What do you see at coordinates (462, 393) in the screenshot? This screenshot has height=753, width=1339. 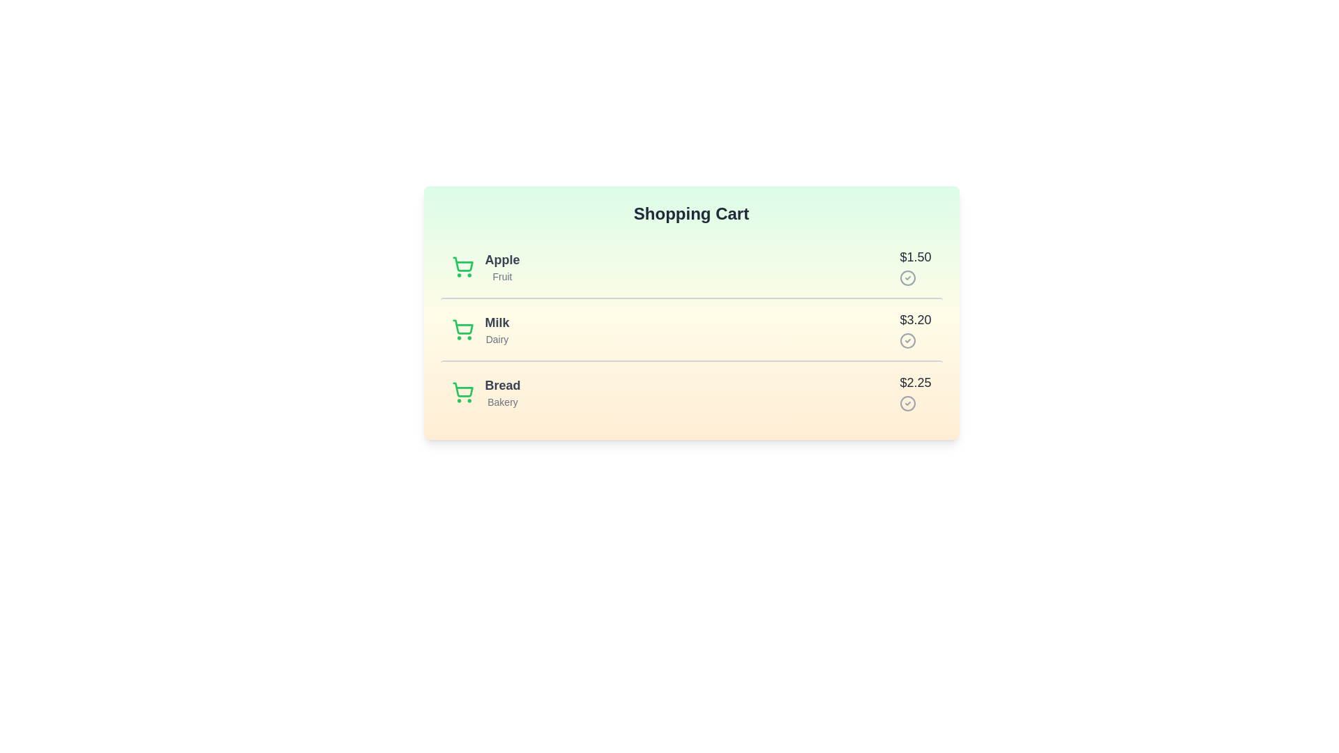 I see `the shopping cart icon next to the item Bread` at bounding box center [462, 393].